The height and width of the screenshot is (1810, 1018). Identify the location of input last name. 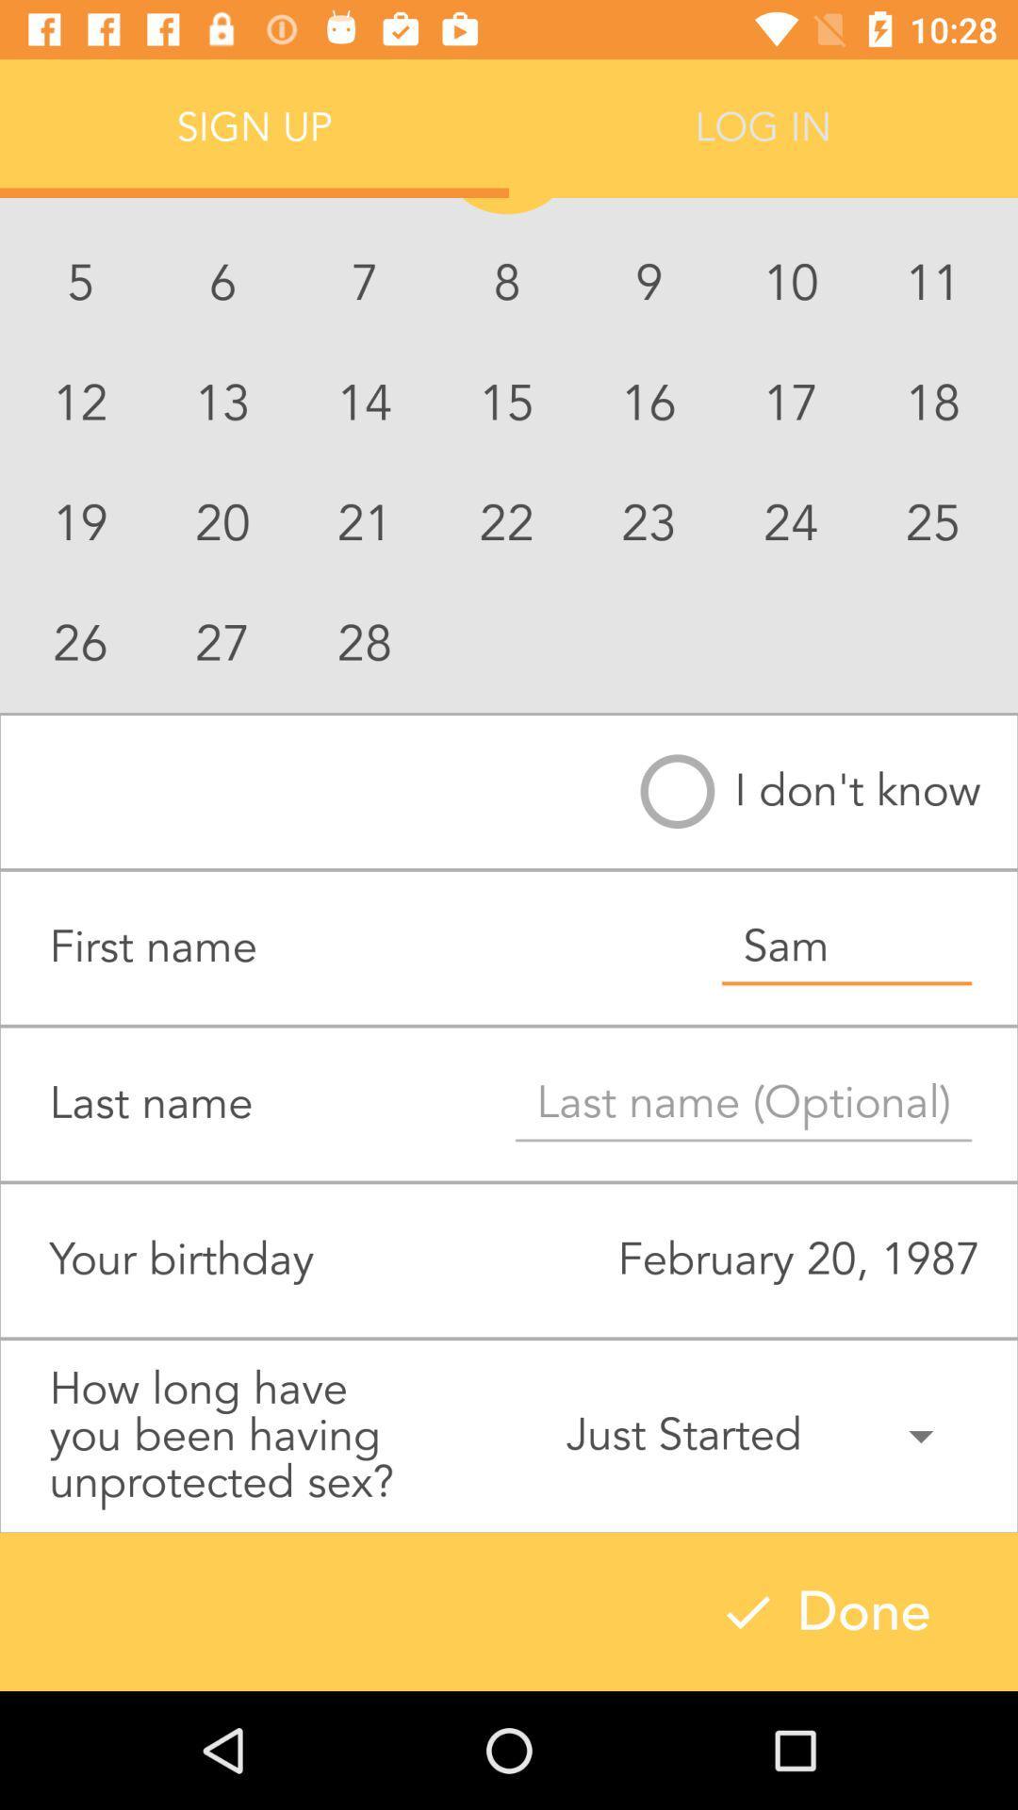
(743, 1104).